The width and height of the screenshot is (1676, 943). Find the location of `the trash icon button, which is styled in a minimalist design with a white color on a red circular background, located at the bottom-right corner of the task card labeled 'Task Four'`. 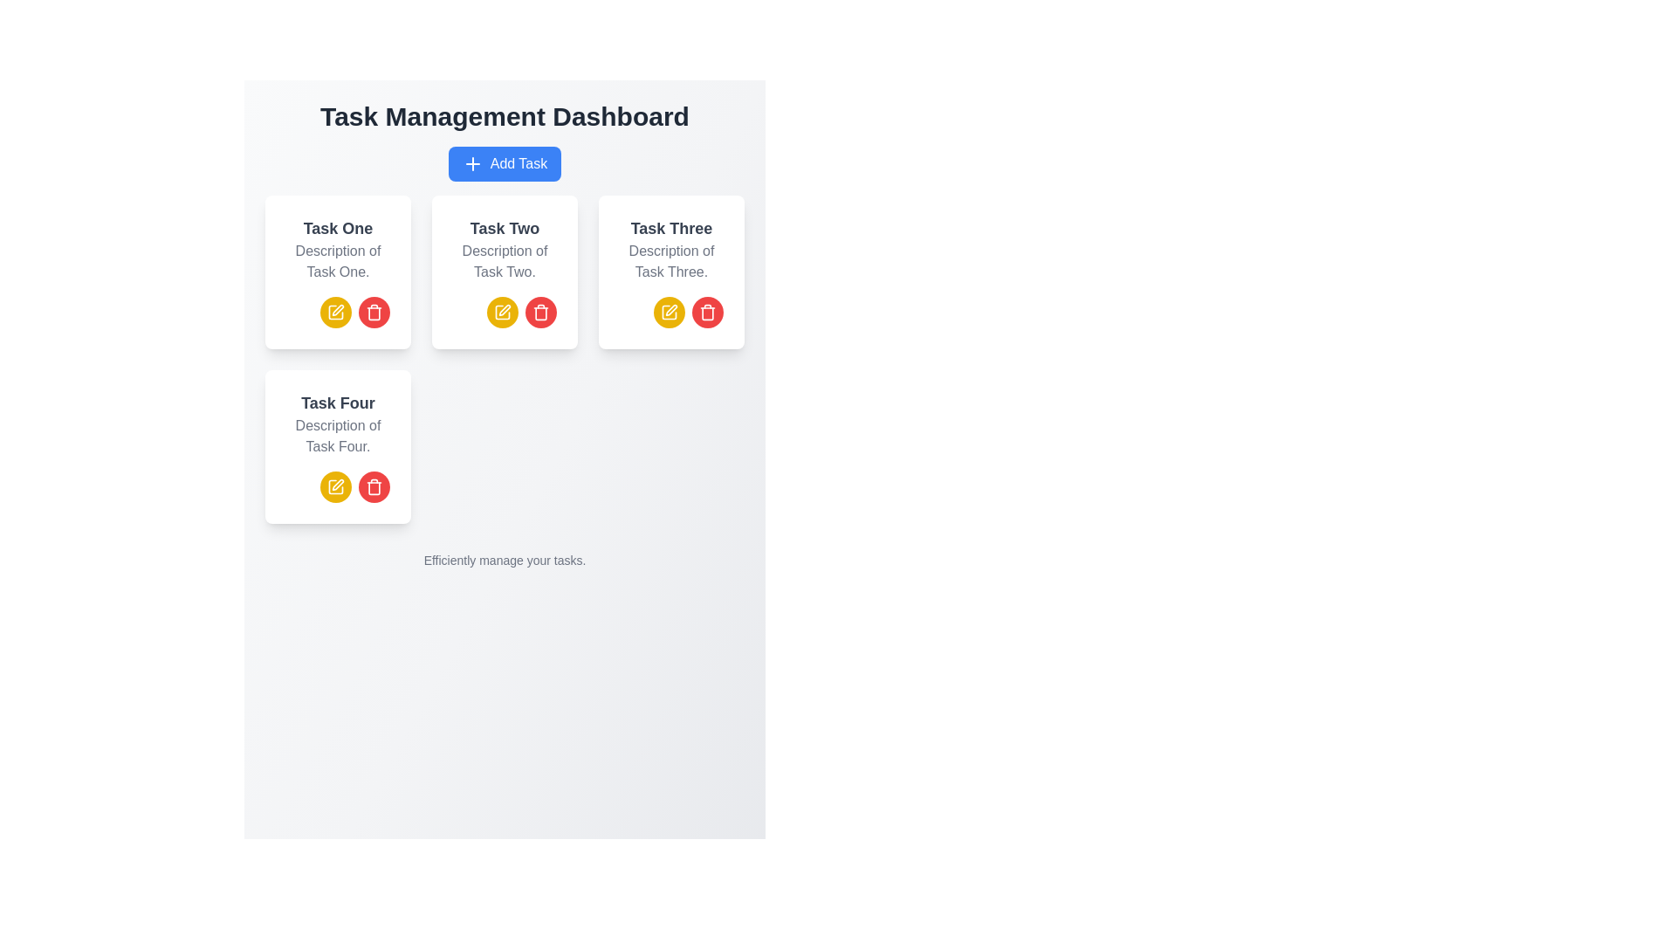

the trash icon button, which is styled in a minimalist design with a white color on a red circular background, located at the bottom-right corner of the task card labeled 'Task Four' is located at coordinates (373, 487).